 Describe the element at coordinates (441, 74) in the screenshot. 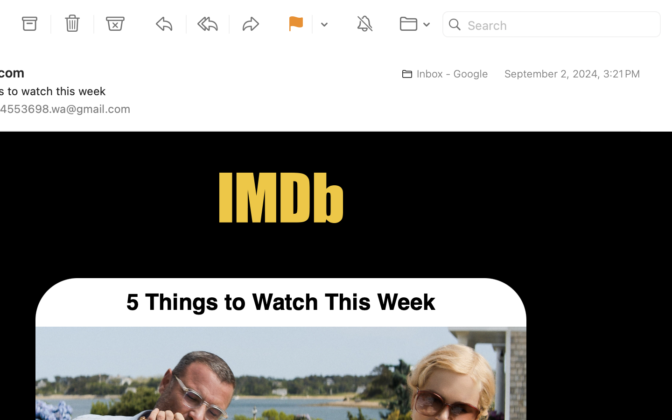

I see `'￼Inbox - Google'` at that location.